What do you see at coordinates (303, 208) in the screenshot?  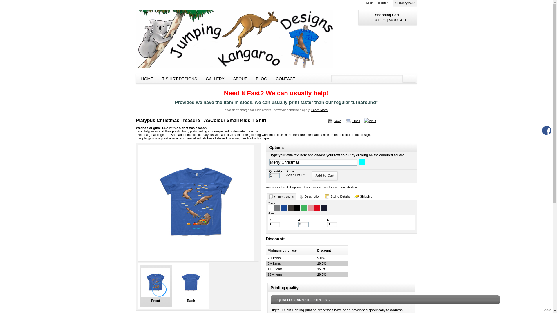 I see `'Kelly Green'` at bounding box center [303, 208].